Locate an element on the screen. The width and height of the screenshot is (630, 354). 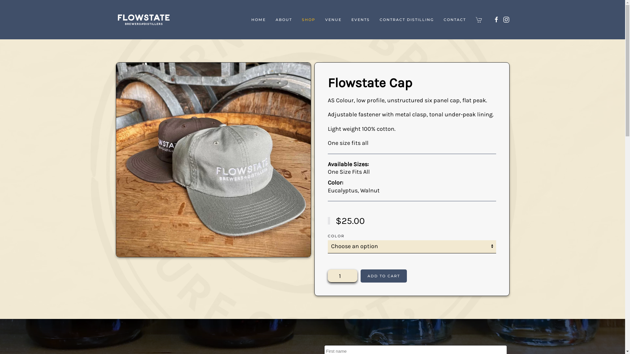
'CONTACT' is located at coordinates (454, 19).